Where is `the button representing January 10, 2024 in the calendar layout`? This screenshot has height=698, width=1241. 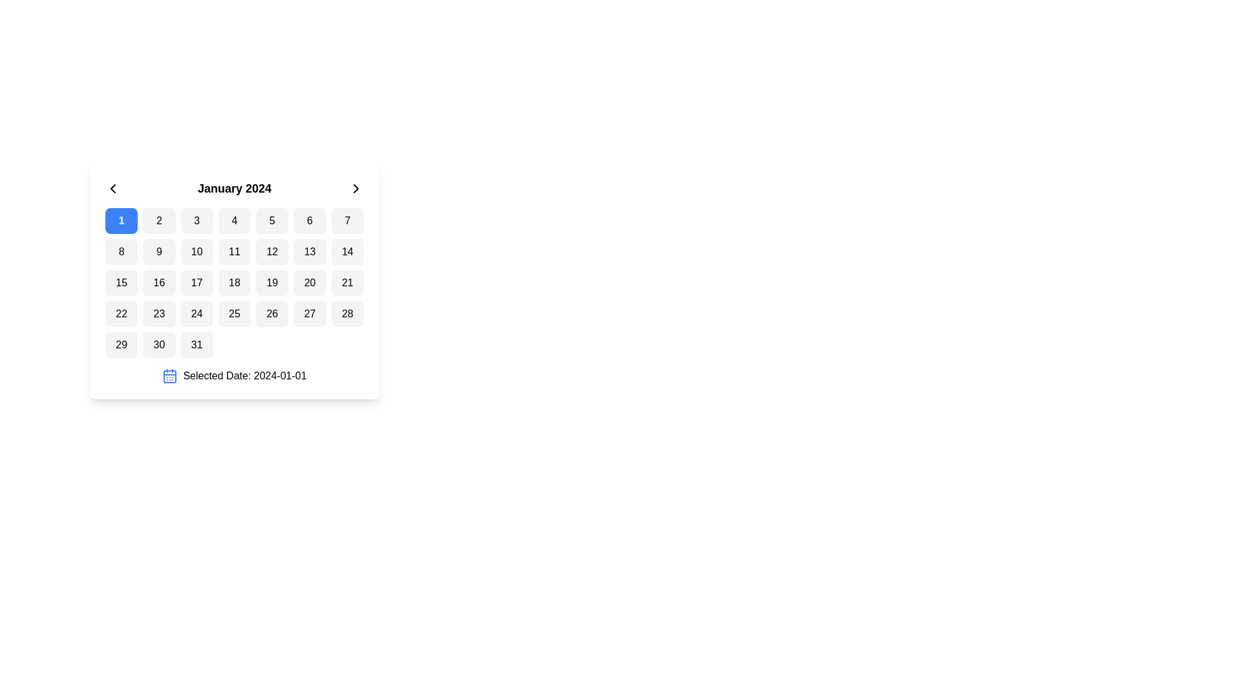
the button representing January 10, 2024 in the calendar layout is located at coordinates (196, 251).